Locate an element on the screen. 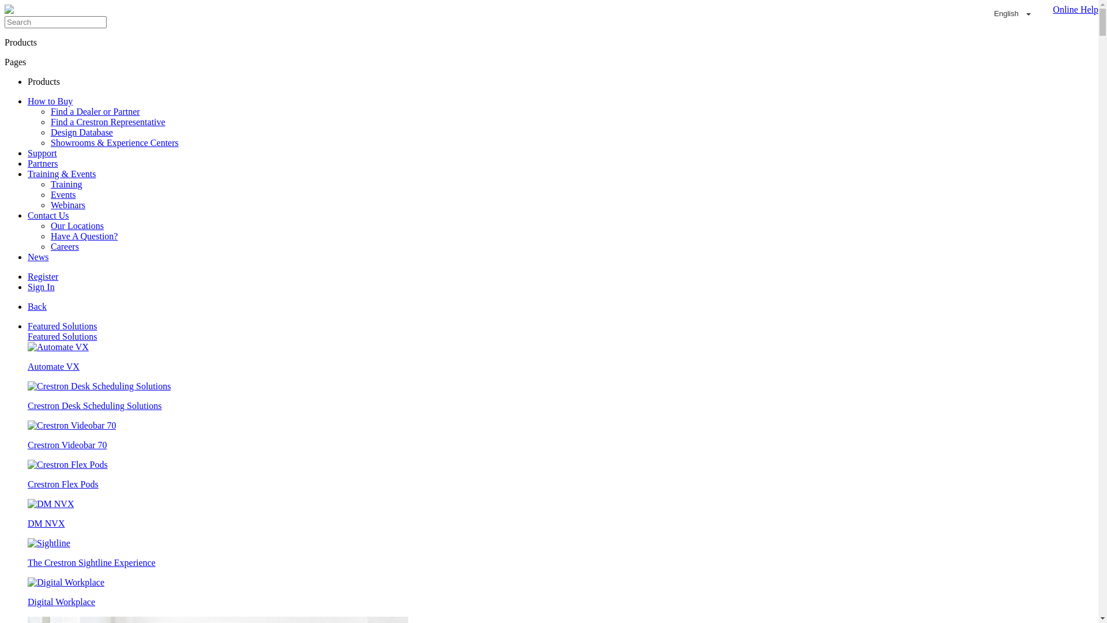  'Careers' is located at coordinates (64, 246).